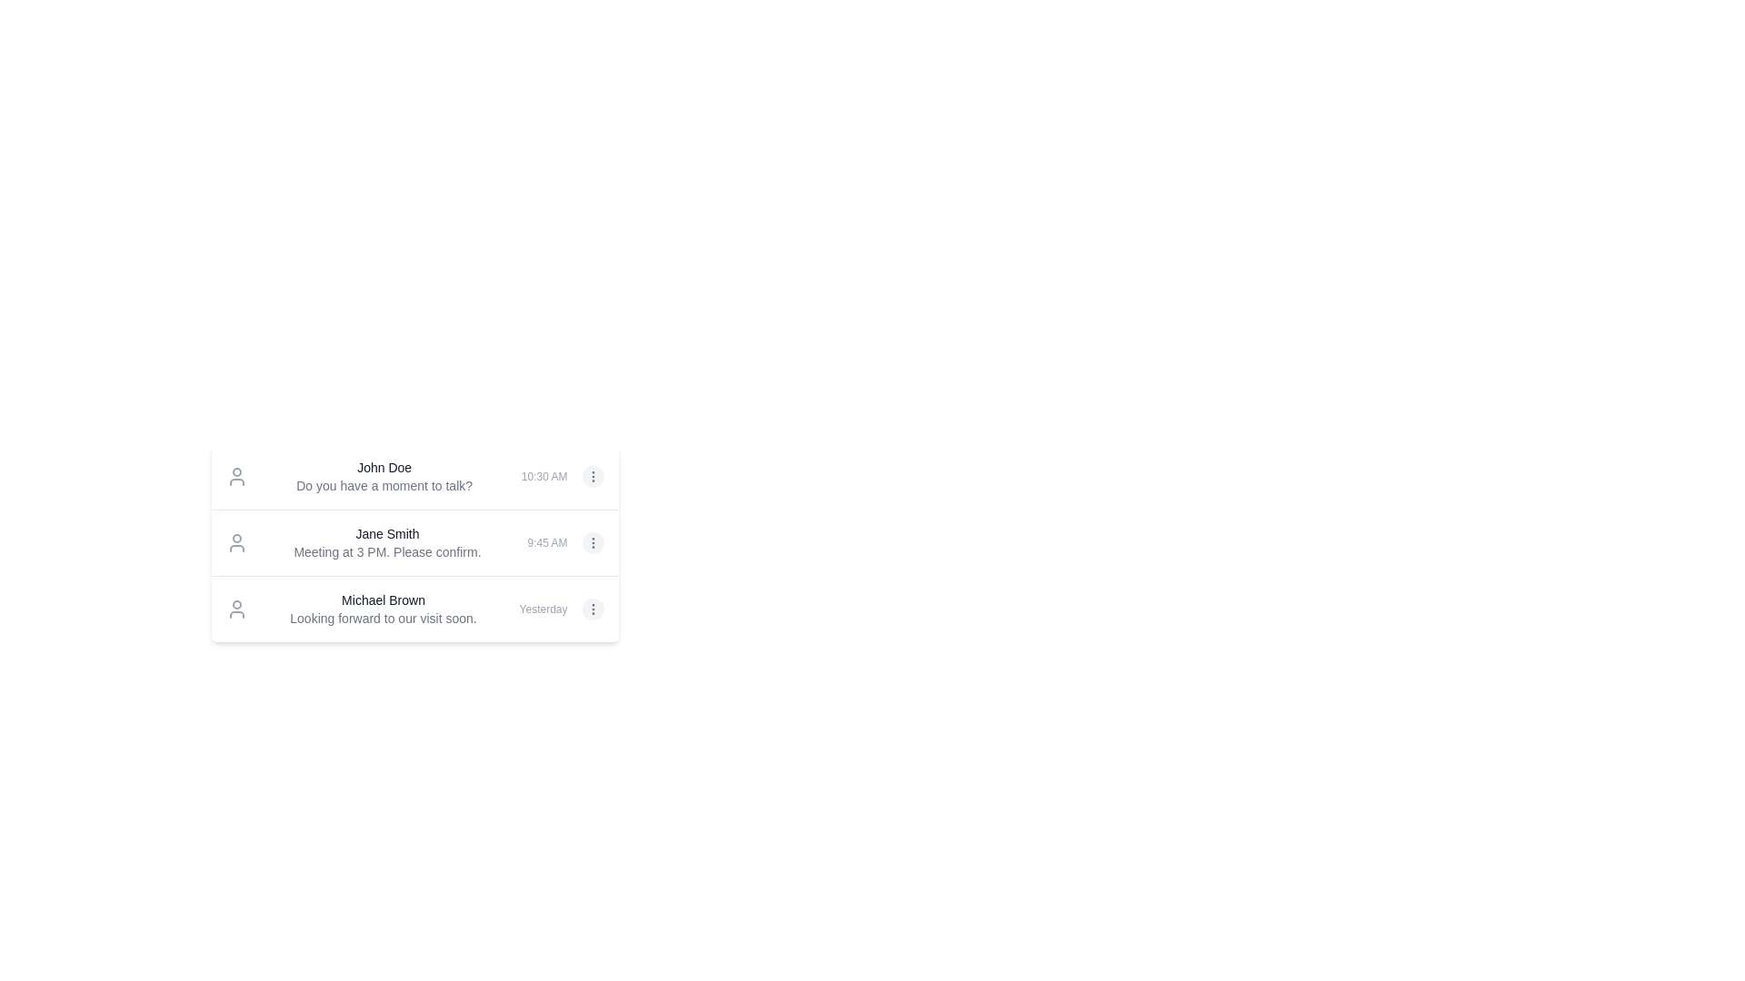 The image size is (1745, 981). Describe the element at coordinates (235, 475) in the screenshot. I see `the user icon represented by a gray outline of a person, which is positioned next to the name 'John Doe'` at that location.